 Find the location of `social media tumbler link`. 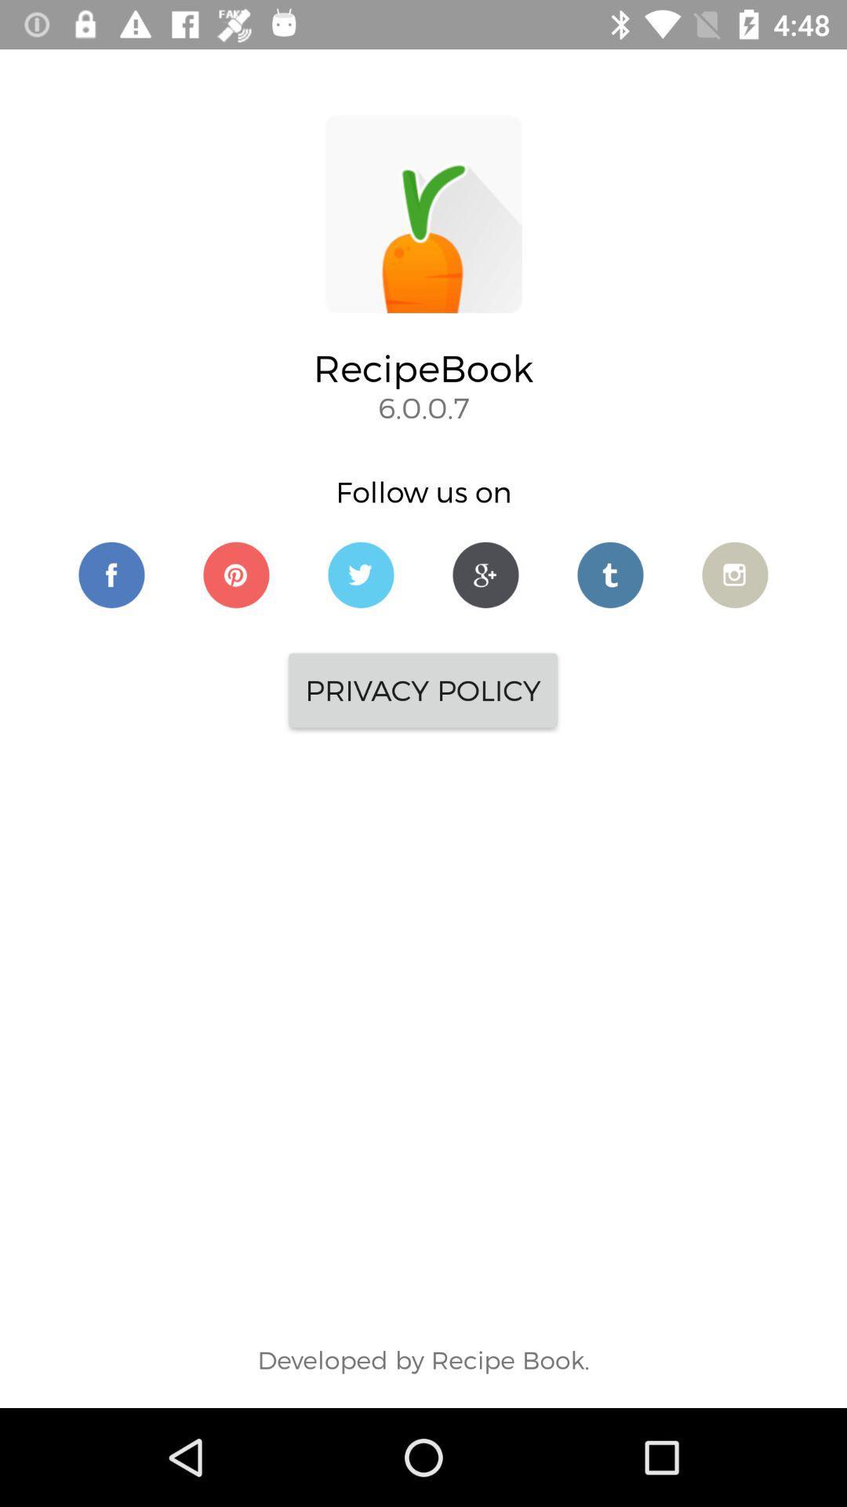

social media tumbler link is located at coordinates (609, 574).